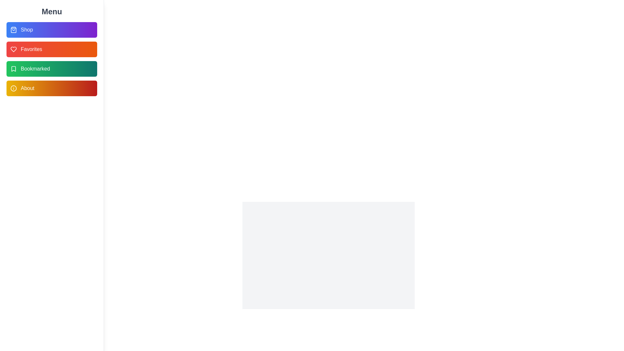 This screenshot has height=351, width=624. Describe the element at coordinates (51, 88) in the screenshot. I see `the About menu item` at that location.